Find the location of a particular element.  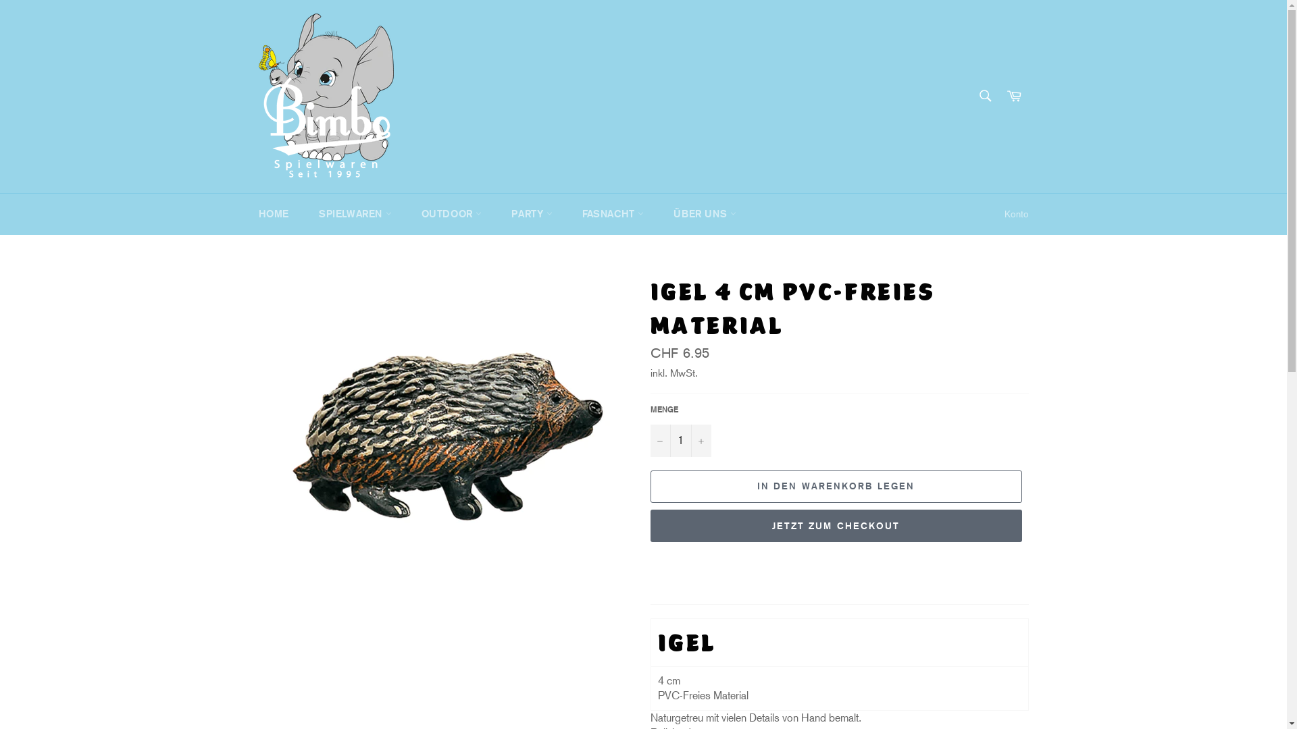

'FASNACHT' is located at coordinates (612, 213).